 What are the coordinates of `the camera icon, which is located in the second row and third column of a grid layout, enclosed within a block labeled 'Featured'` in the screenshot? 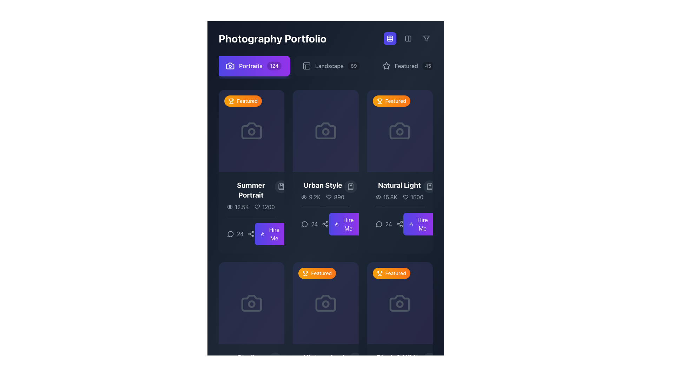 It's located at (400, 303).